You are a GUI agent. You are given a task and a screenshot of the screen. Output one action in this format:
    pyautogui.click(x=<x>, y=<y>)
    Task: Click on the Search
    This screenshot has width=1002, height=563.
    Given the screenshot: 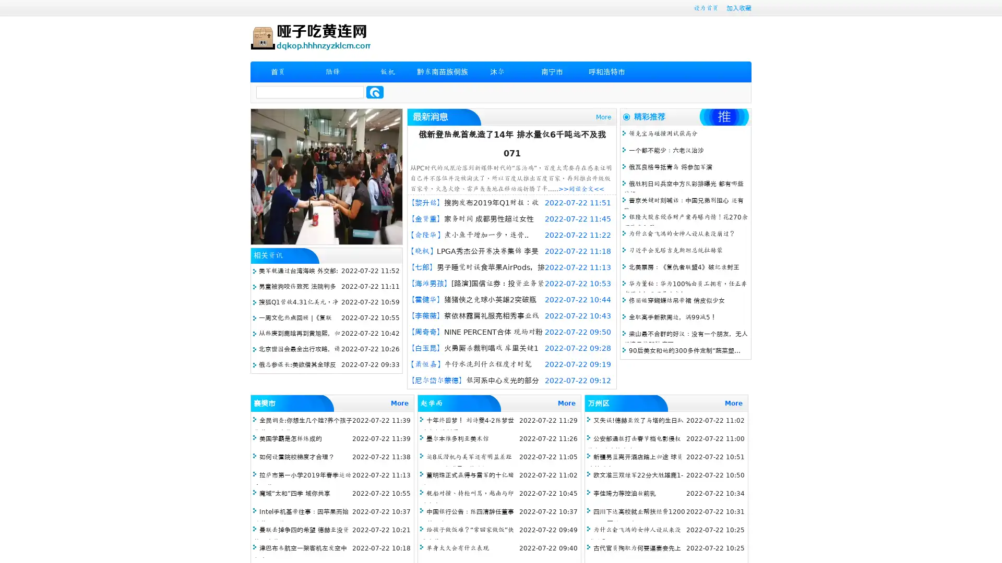 What is the action you would take?
    pyautogui.click(x=375, y=92)
    